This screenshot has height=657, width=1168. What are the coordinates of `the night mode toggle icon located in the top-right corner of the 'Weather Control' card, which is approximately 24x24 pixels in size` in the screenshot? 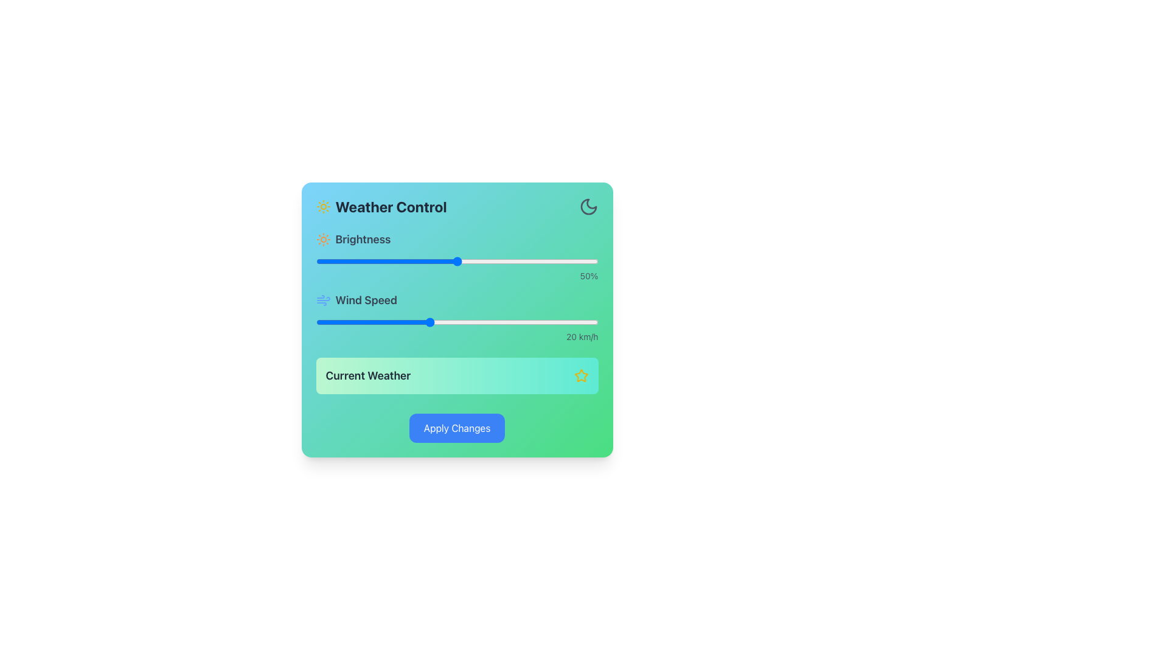 It's located at (588, 206).